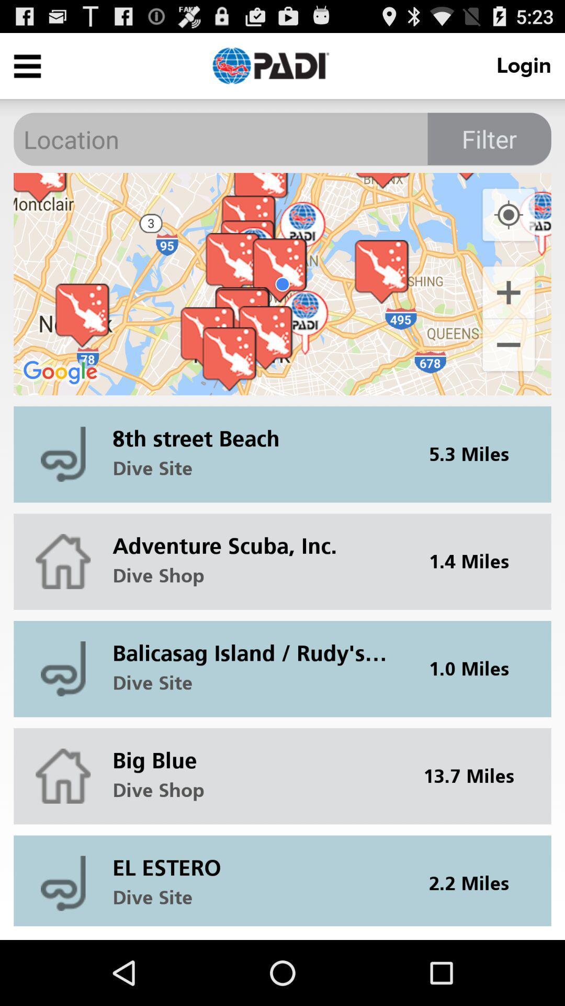 The image size is (565, 1006). Describe the element at coordinates (256, 859) in the screenshot. I see `the el estero item` at that location.